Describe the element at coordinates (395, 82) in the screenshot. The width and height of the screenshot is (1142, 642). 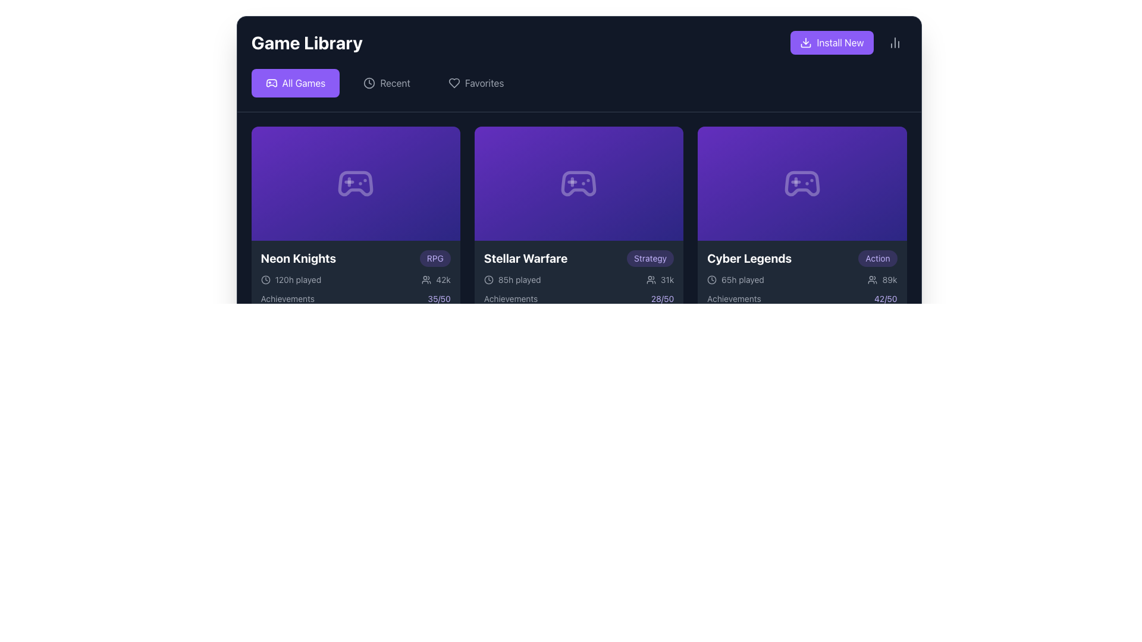
I see `the 'Recent' text label, which filters items to show recently accessed or added items, located next to a clock icon on the left and a 'Favorites' text label on the right` at that location.